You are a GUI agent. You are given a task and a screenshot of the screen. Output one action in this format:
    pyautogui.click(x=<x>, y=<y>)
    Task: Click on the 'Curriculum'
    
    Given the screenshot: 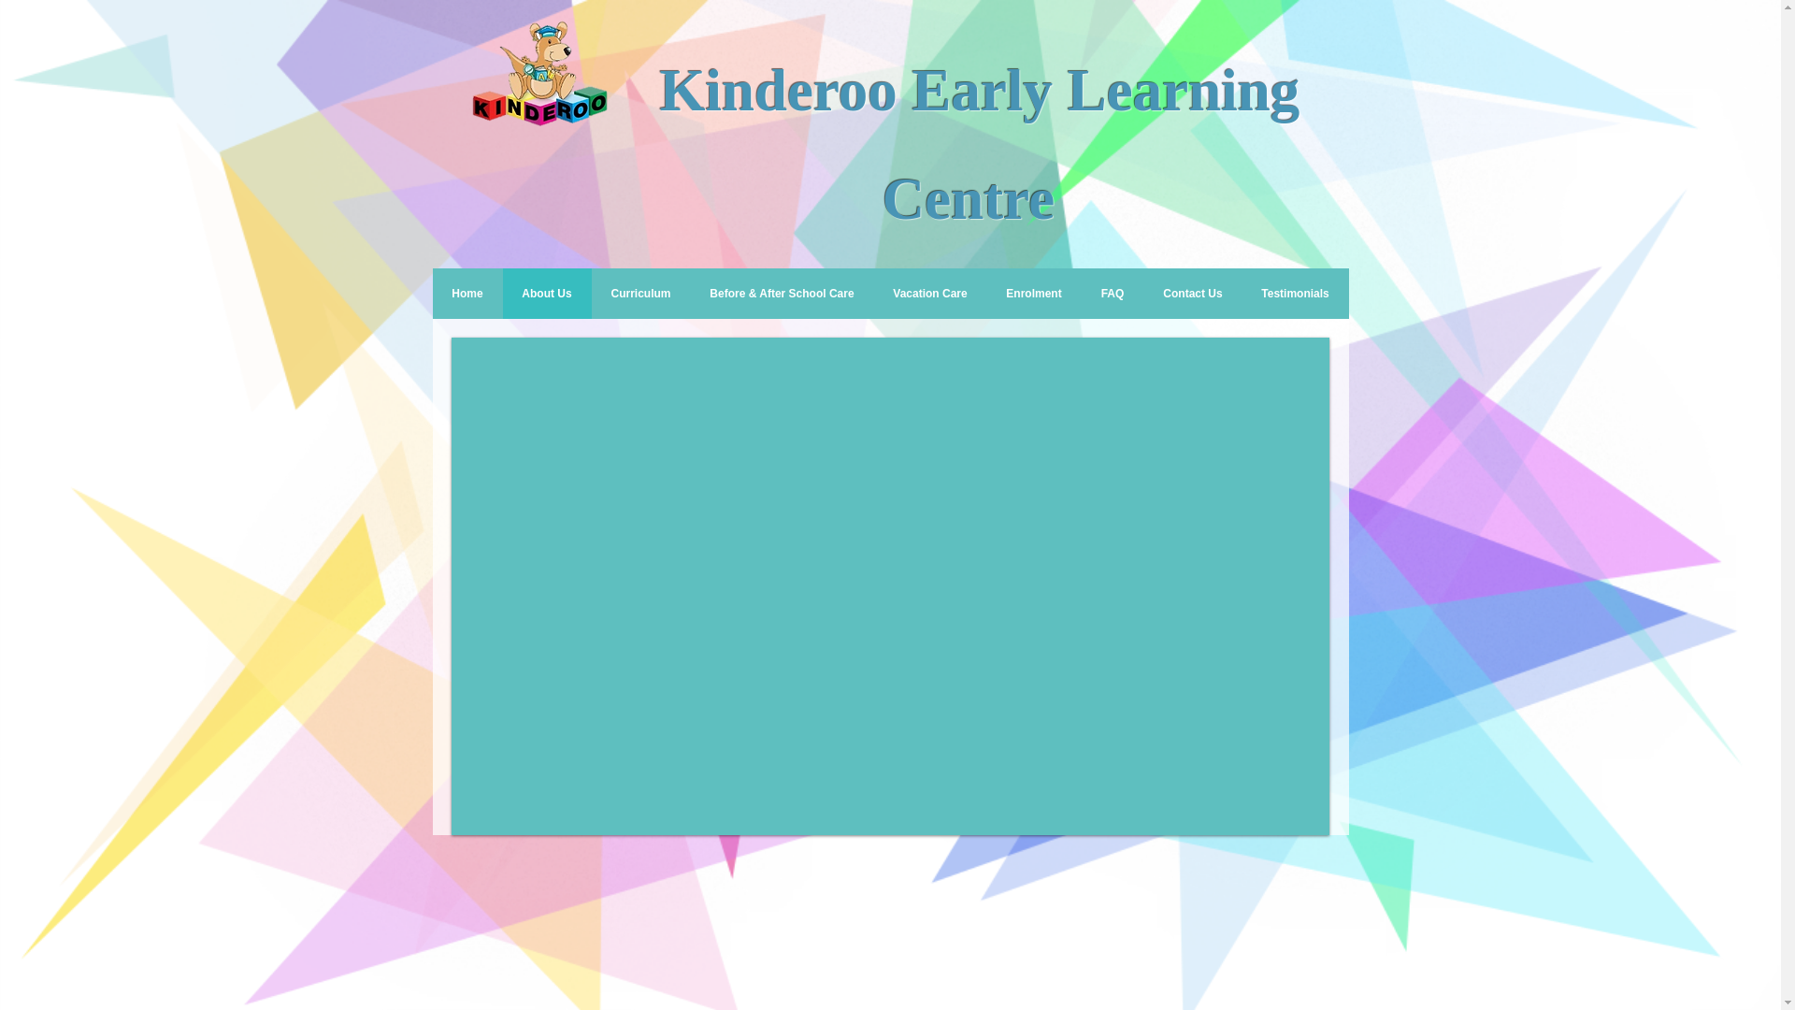 What is the action you would take?
    pyautogui.click(x=590, y=293)
    